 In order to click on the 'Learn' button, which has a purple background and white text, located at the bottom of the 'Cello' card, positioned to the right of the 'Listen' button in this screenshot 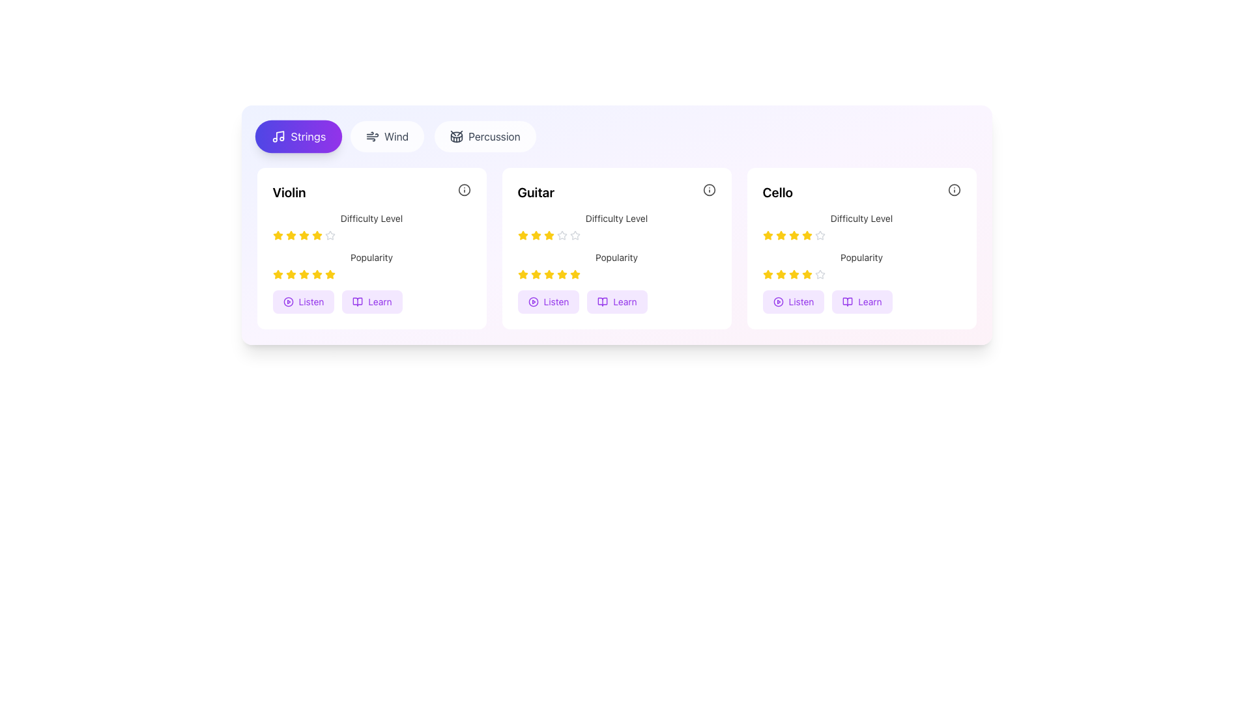, I will do `click(861, 301)`.